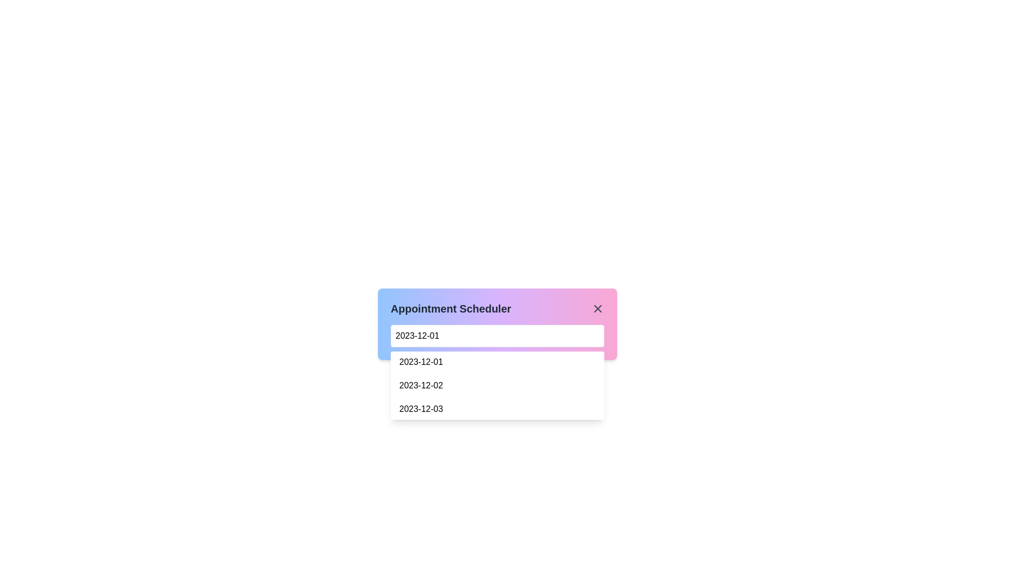 This screenshot has height=577, width=1025. Describe the element at coordinates (496, 309) in the screenshot. I see `the 'Appointment Scheduler' label which displays the text in bold, large font at the top of a colorful gradient box` at that location.